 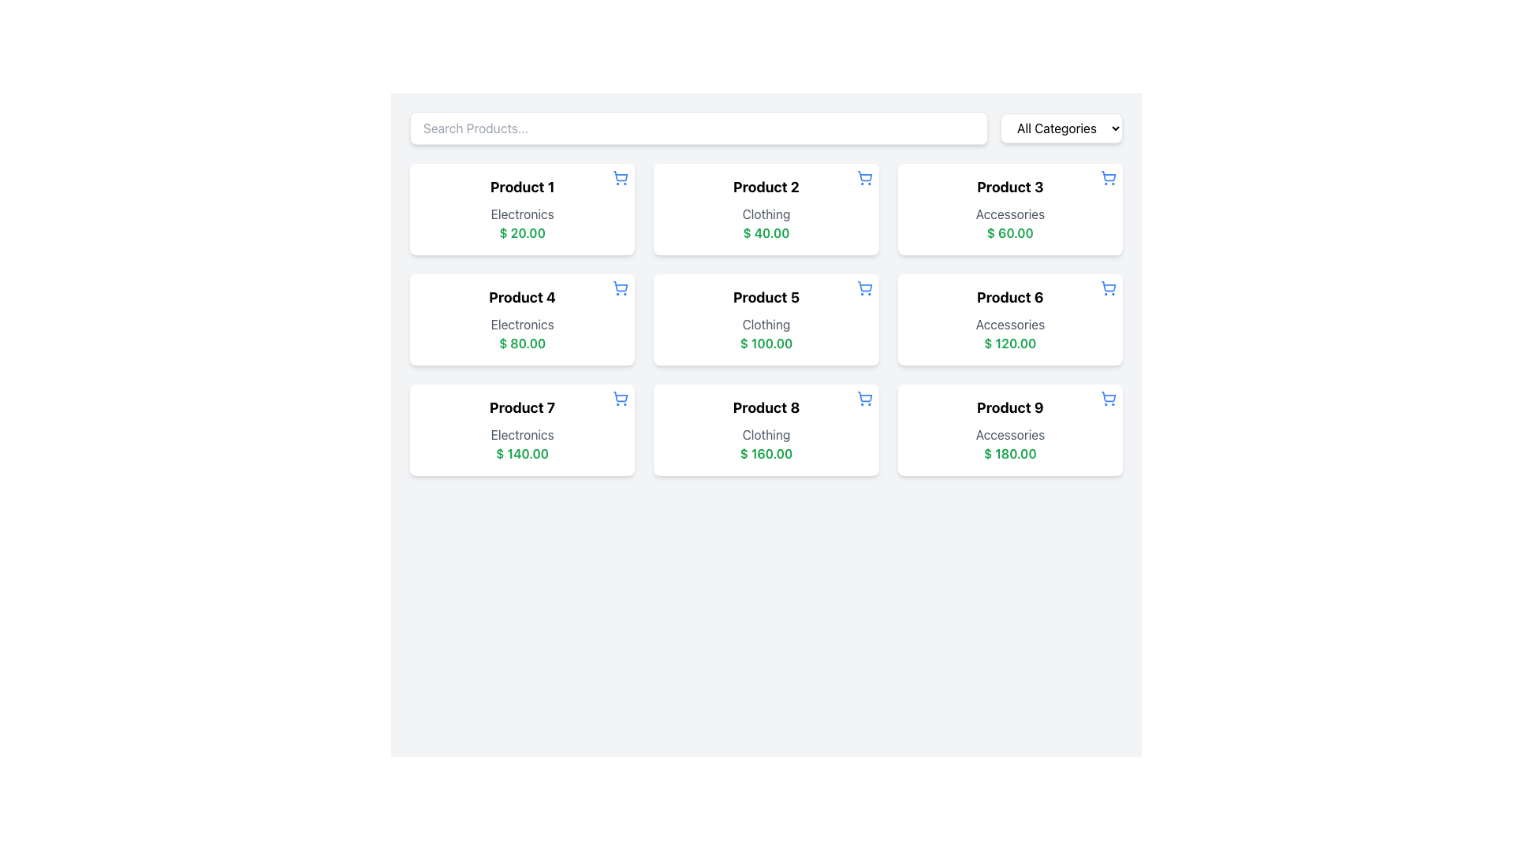 What do you see at coordinates (1061, 127) in the screenshot?
I see `the 'All Categories' dropdown menu located at the top-right corner of the interface` at bounding box center [1061, 127].